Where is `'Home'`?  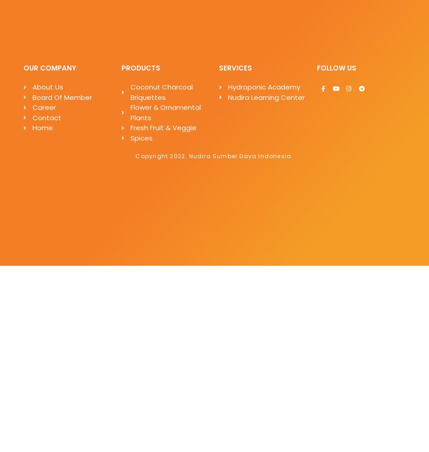 'Home' is located at coordinates (42, 127).